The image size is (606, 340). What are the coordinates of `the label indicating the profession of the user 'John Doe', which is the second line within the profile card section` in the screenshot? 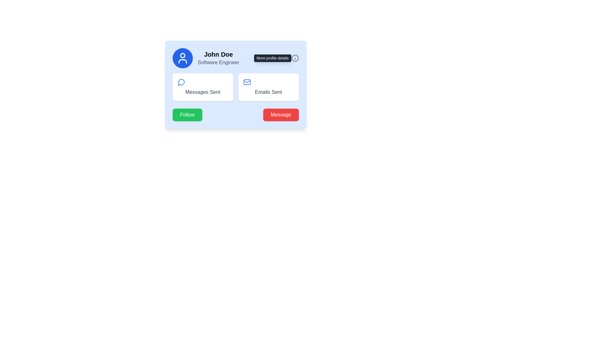 It's located at (218, 63).